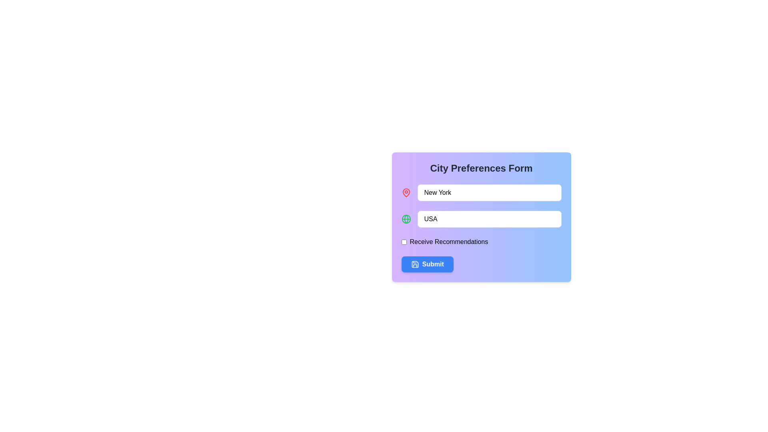 This screenshot has height=432, width=768. What do you see at coordinates (481, 193) in the screenshot?
I see `the text field that contains the placeholder 'City' and currently holds the value 'New York', which is` at bounding box center [481, 193].